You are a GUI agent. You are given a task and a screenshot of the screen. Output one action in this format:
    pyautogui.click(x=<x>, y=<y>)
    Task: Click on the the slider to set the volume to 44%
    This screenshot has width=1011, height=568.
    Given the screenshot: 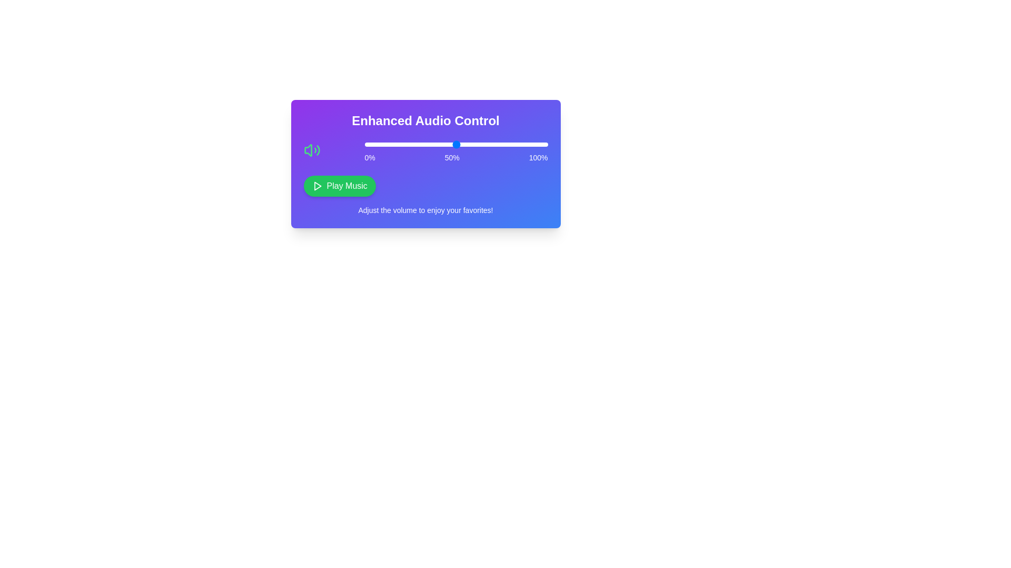 What is the action you would take?
    pyautogui.click(x=445, y=144)
    